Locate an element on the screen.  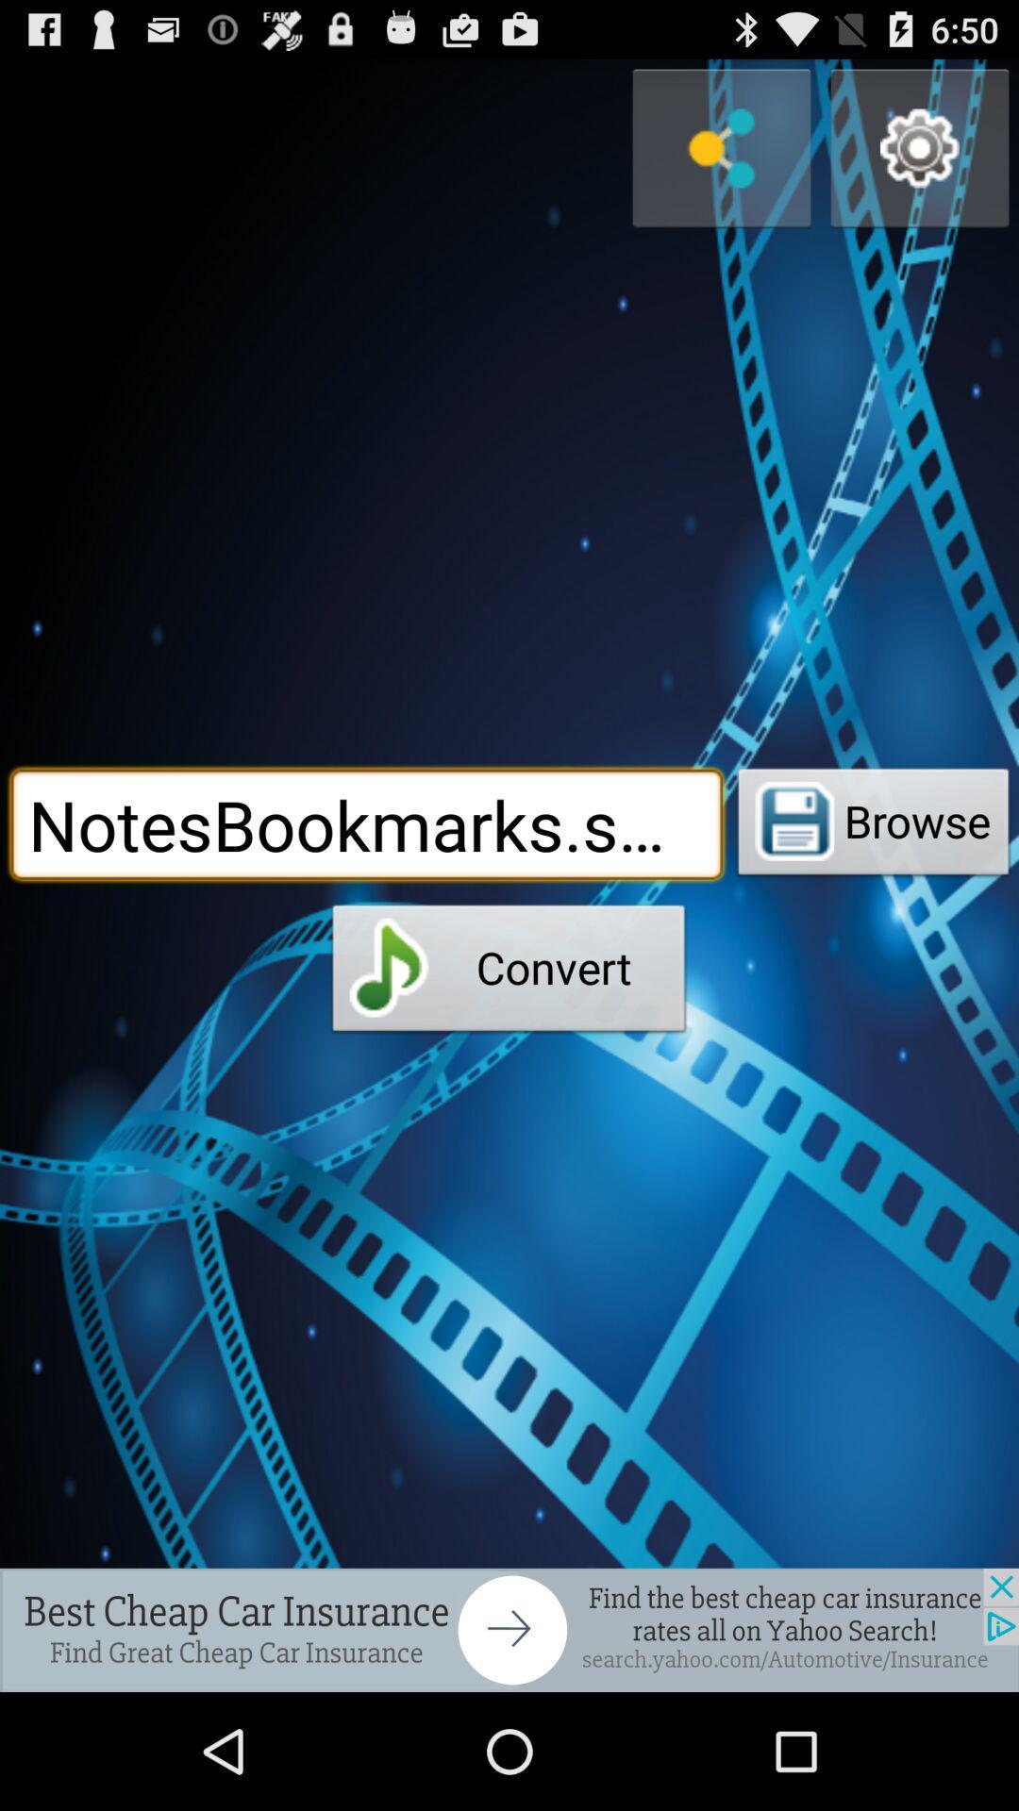
open settings menu is located at coordinates (919, 147).